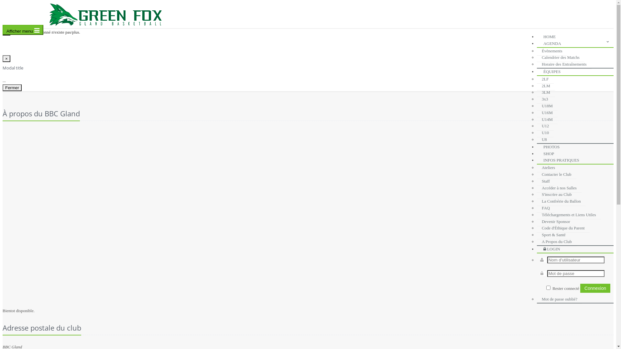 This screenshot has height=349, width=621. I want to click on 'U18M', so click(547, 105).